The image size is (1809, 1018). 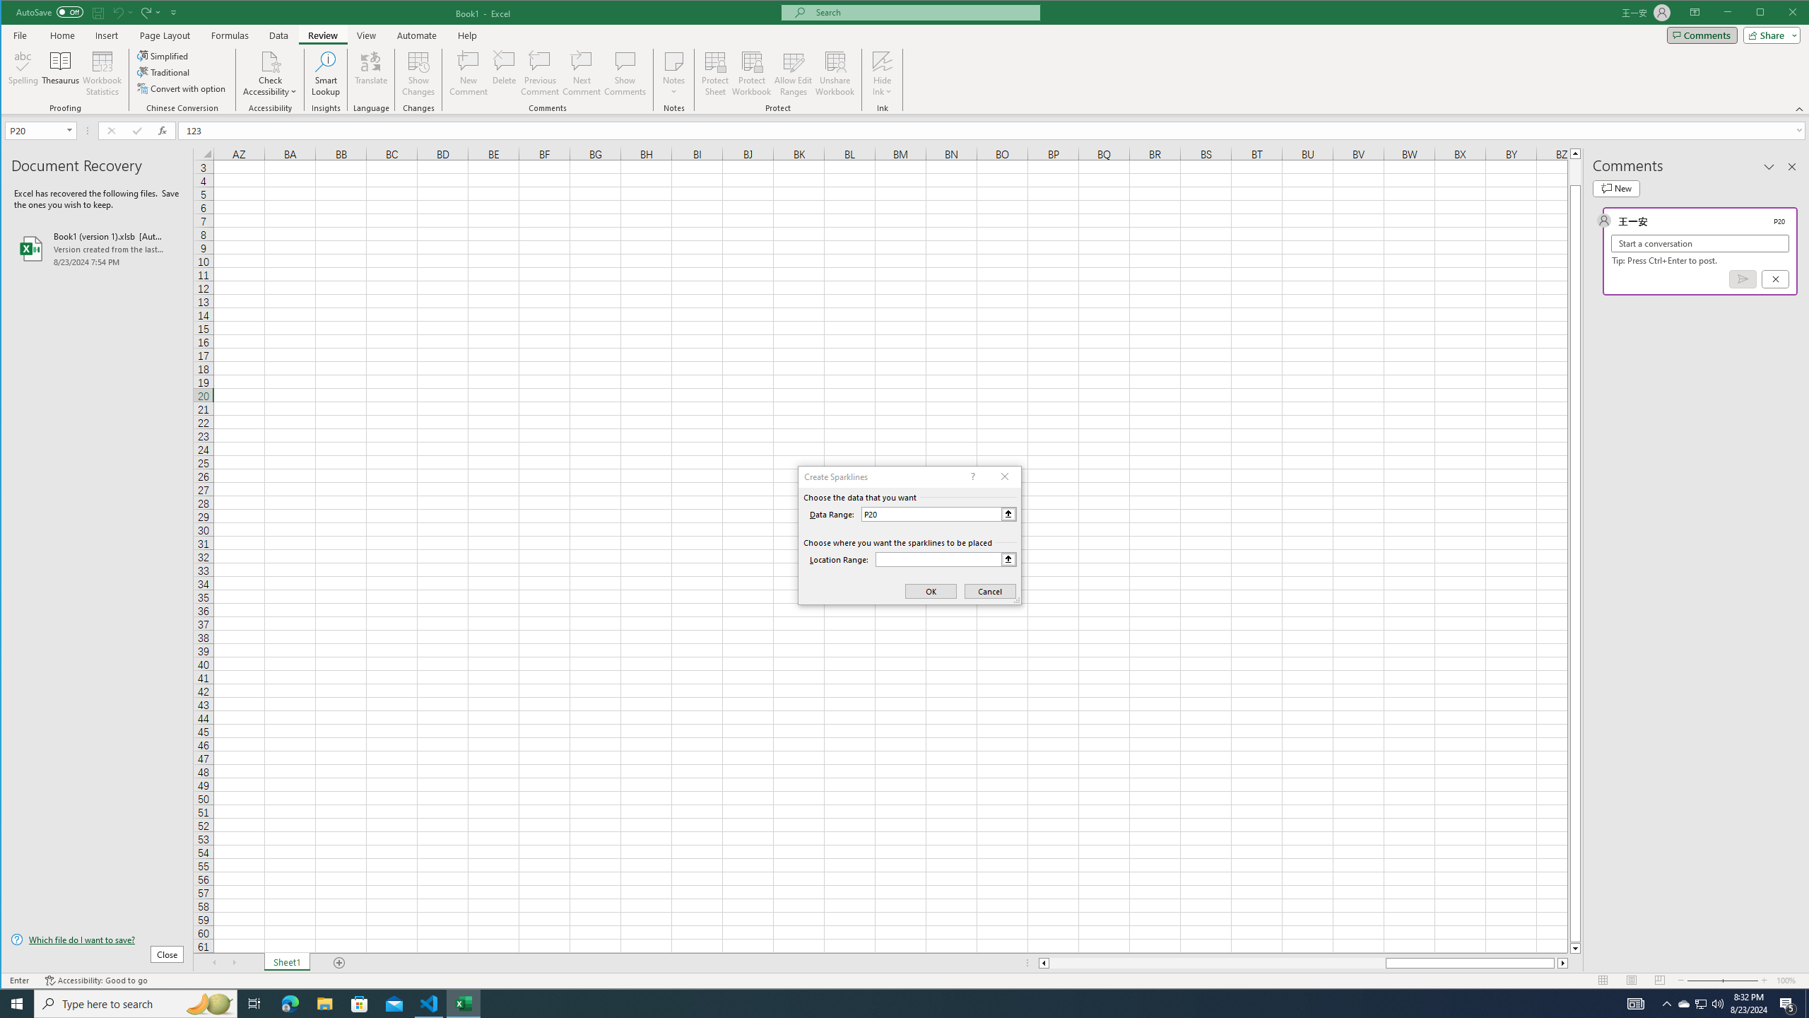 What do you see at coordinates (1768, 166) in the screenshot?
I see `'Task Pane Options'` at bounding box center [1768, 166].